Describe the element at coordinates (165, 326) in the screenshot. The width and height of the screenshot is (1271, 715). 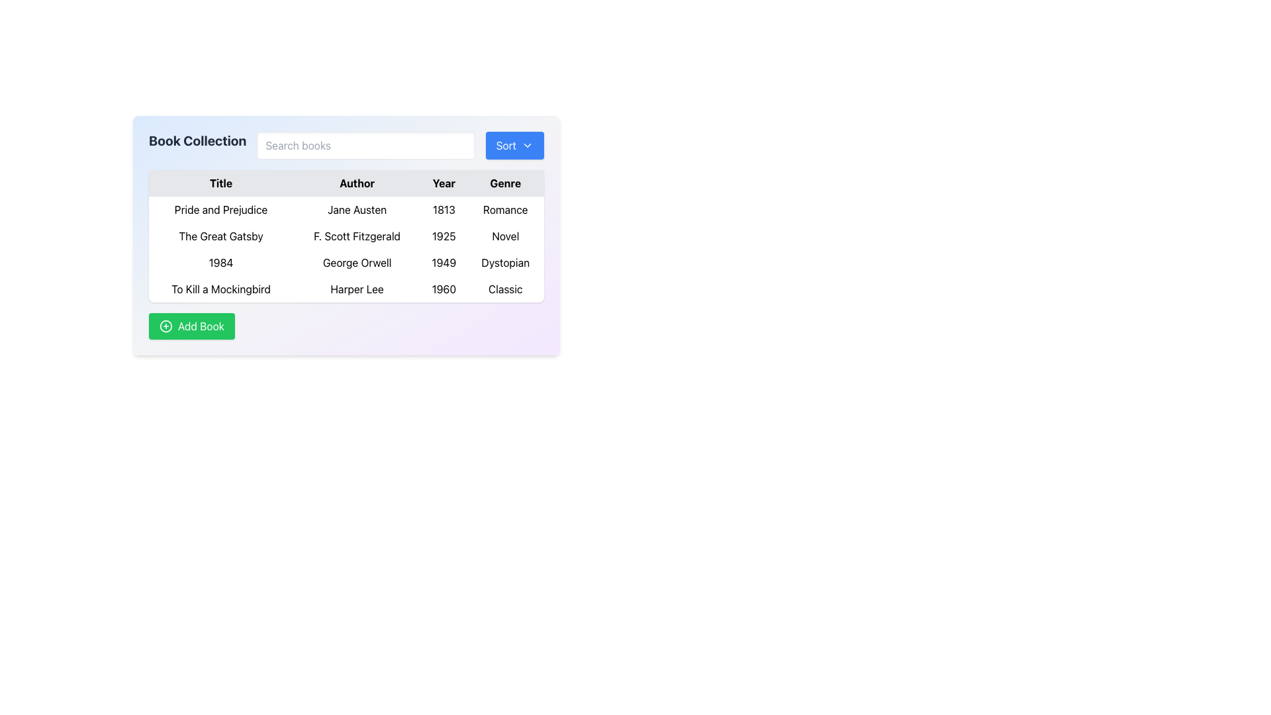
I see `the add book icon located within the green 'Add Book' button to initiate the add book action` at that location.